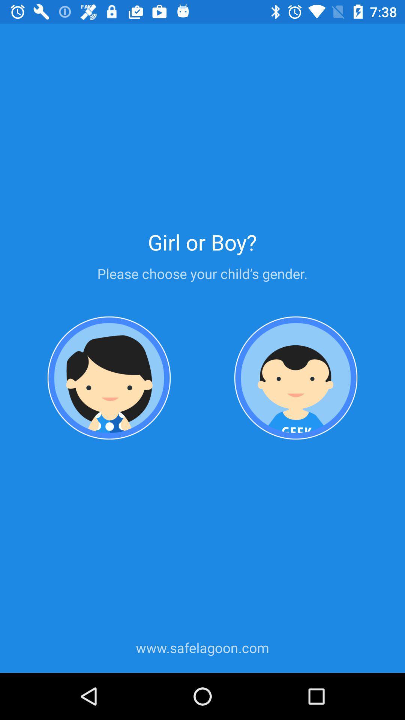 The width and height of the screenshot is (405, 720). What do you see at coordinates (109, 378) in the screenshot?
I see `choose gender` at bounding box center [109, 378].